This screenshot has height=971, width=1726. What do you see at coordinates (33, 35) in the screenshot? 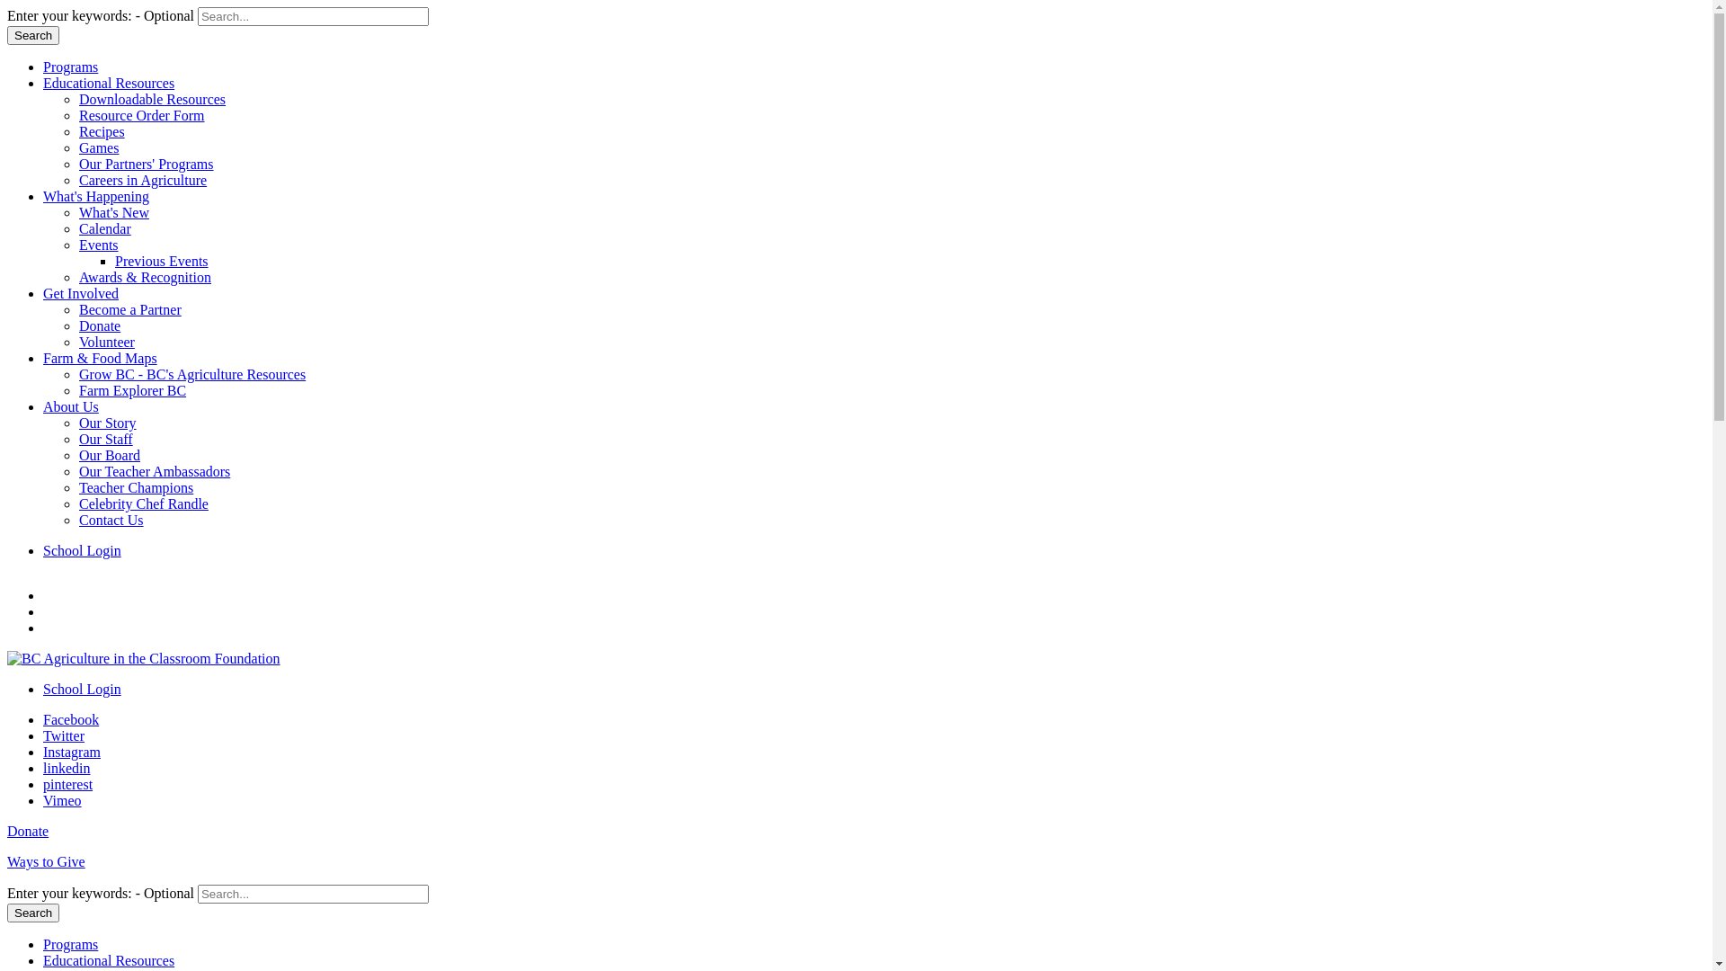
I see `'Search'` at bounding box center [33, 35].